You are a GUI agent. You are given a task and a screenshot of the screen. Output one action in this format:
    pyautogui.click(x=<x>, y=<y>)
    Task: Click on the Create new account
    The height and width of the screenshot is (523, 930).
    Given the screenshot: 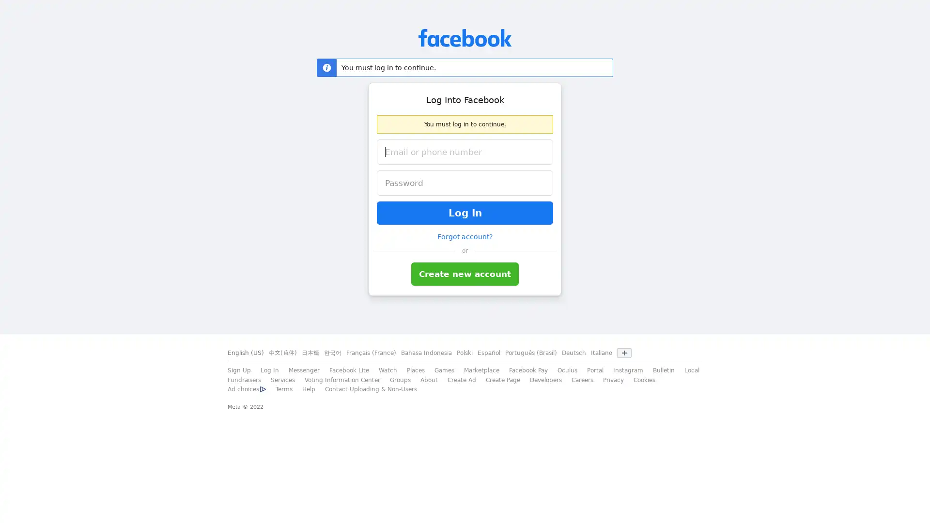 What is the action you would take?
    pyautogui.click(x=465, y=274)
    